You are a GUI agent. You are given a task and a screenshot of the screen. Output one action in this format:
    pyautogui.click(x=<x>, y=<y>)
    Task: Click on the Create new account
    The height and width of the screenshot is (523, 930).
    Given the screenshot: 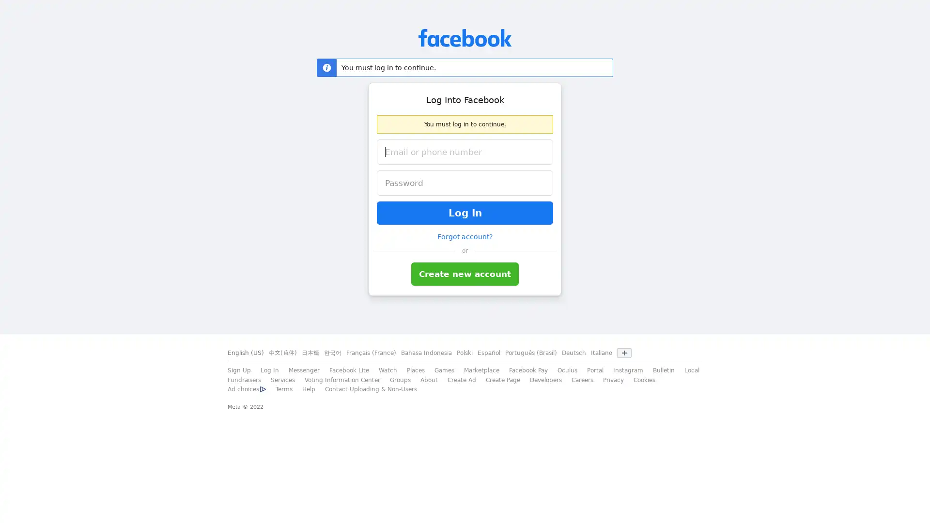 What is the action you would take?
    pyautogui.click(x=465, y=274)
    